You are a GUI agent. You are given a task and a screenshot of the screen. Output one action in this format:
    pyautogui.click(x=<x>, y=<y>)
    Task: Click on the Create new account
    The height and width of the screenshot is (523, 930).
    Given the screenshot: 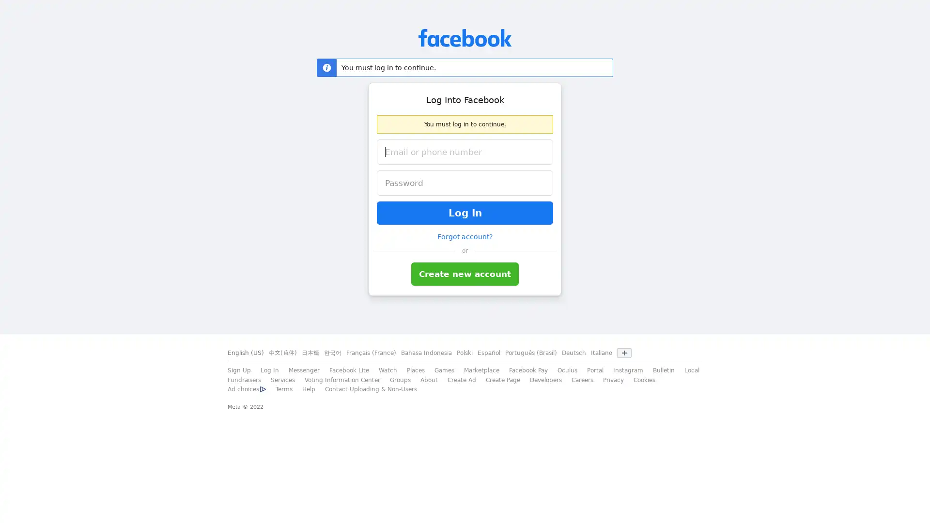 What is the action you would take?
    pyautogui.click(x=465, y=274)
    